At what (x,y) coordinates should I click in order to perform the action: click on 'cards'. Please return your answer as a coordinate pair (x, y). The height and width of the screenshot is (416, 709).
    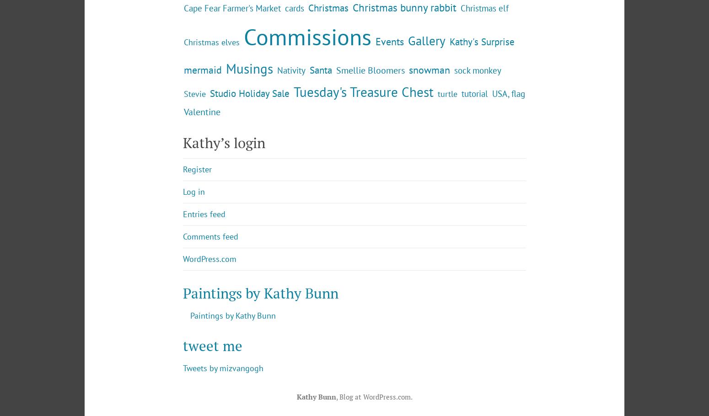
    Looking at the image, I should click on (294, 83).